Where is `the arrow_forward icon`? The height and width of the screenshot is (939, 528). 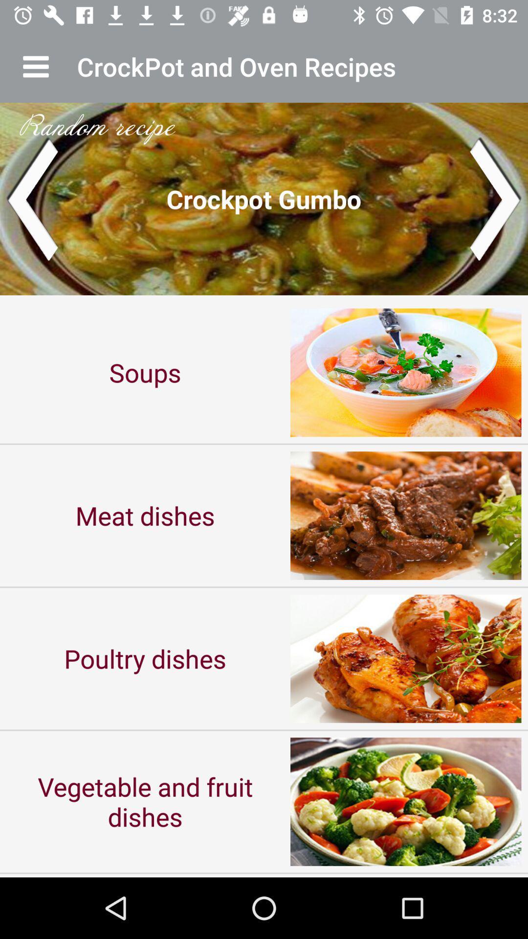
the arrow_forward icon is located at coordinates (496, 198).